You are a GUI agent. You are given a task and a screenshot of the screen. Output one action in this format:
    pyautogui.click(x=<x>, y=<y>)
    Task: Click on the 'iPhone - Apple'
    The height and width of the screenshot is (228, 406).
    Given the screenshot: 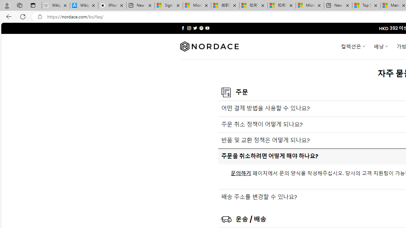 What is the action you would take?
    pyautogui.click(x=112, y=5)
    